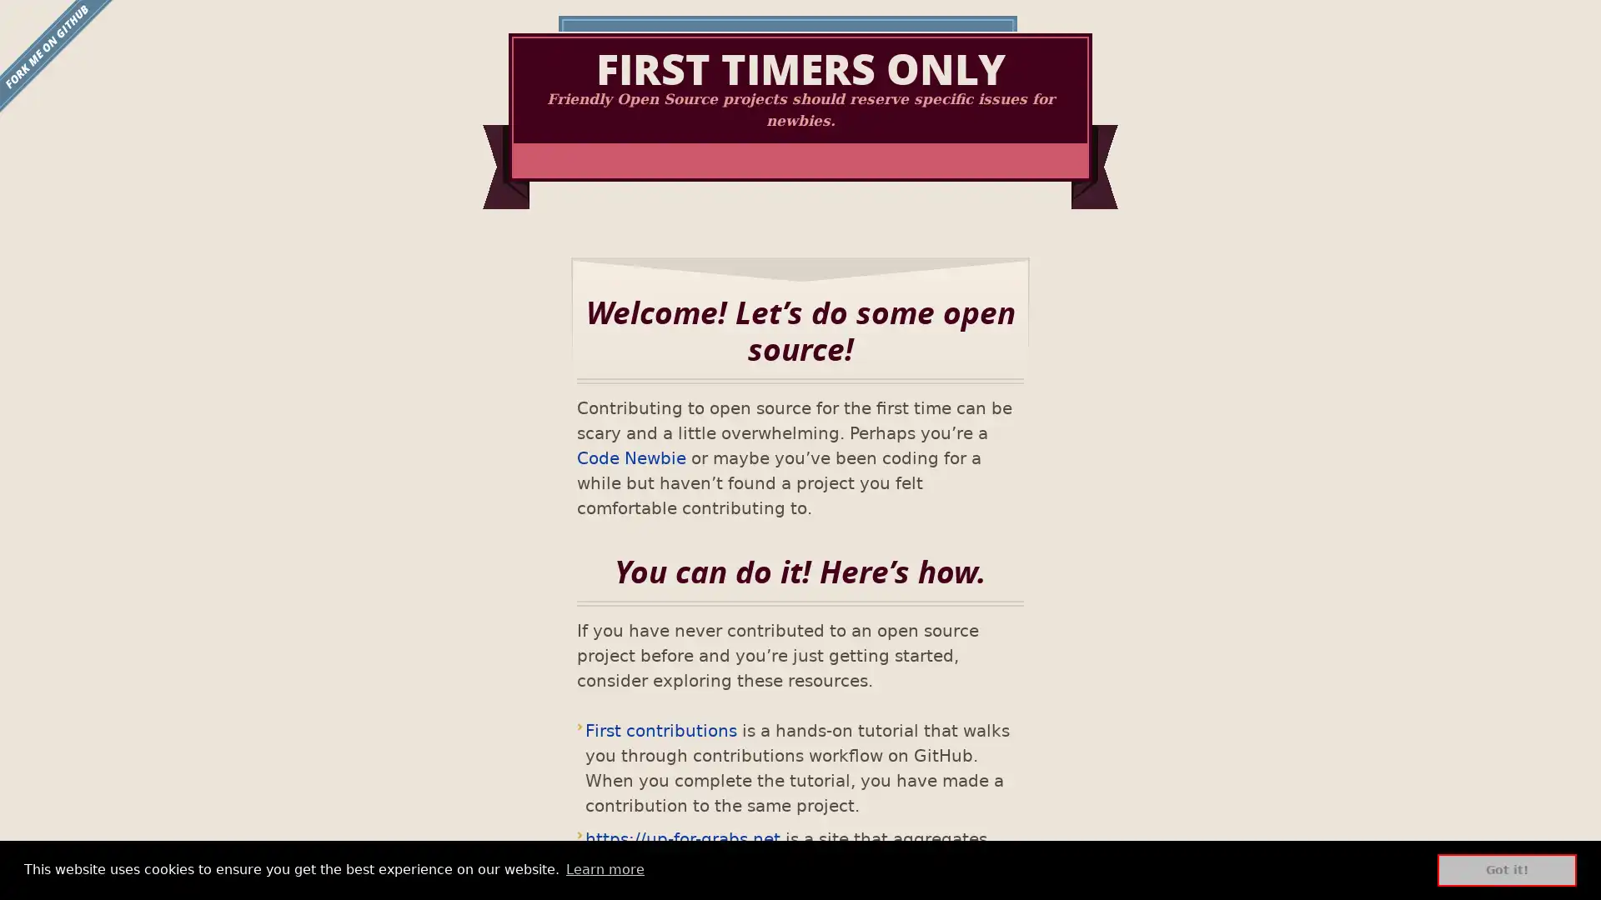 Image resolution: width=1601 pixels, height=900 pixels. What do you see at coordinates (604, 869) in the screenshot?
I see `learn more about cookies` at bounding box center [604, 869].